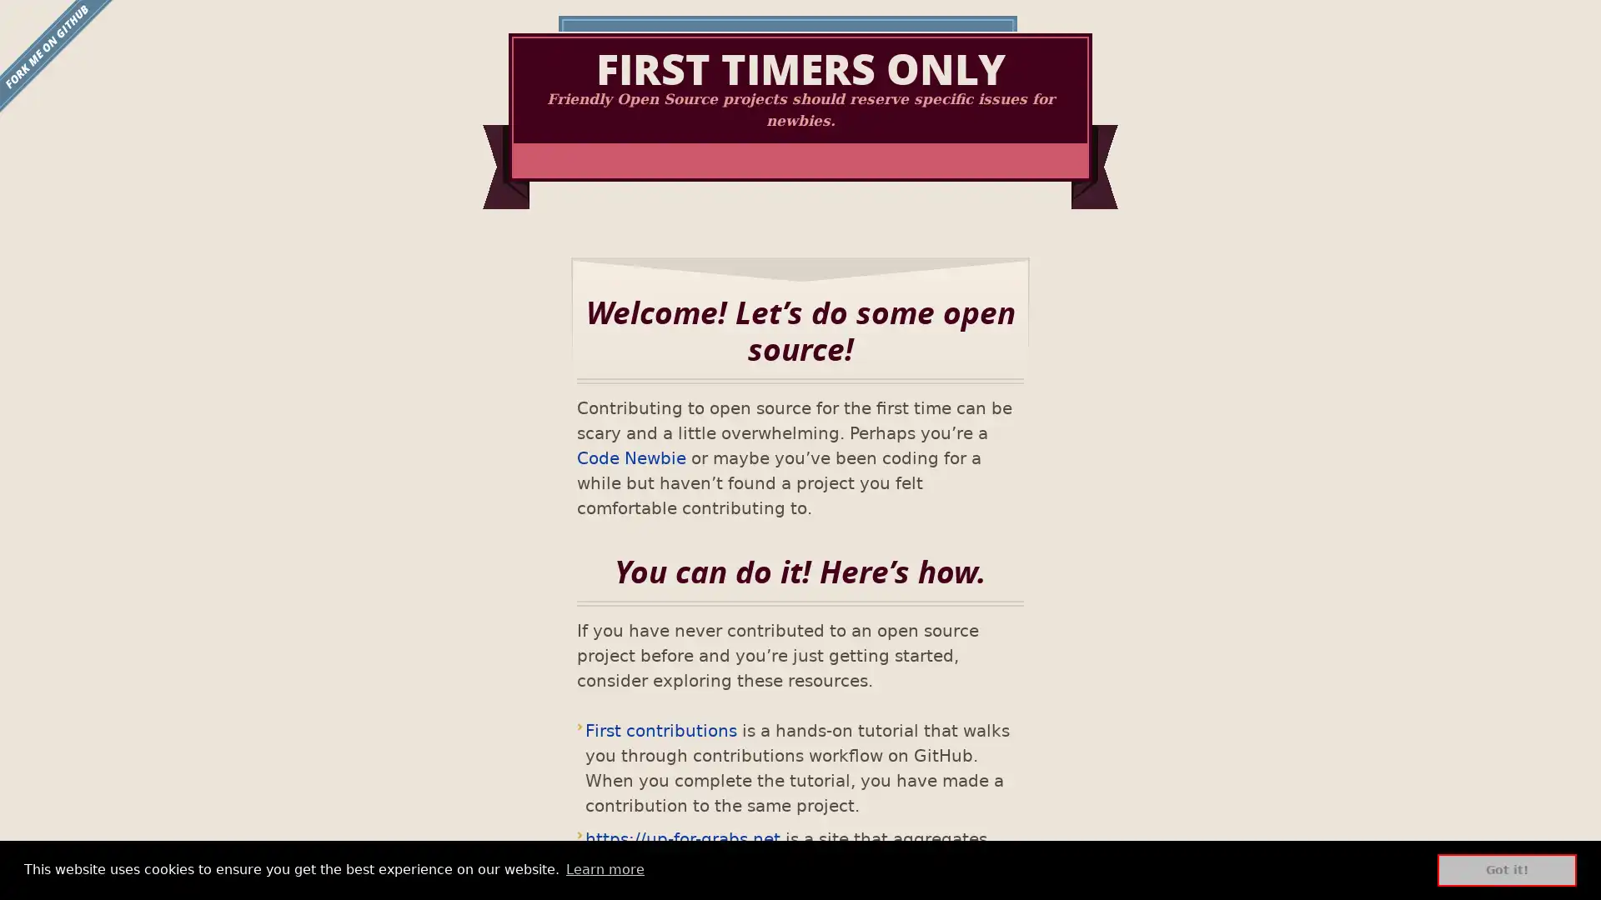 Image resolution: width=1601 pixels, height=900 pixels. What do you see at coordinates (604, 869) in the screenshot?
I see `learn more about cookies` at bounding box center [604, 869].